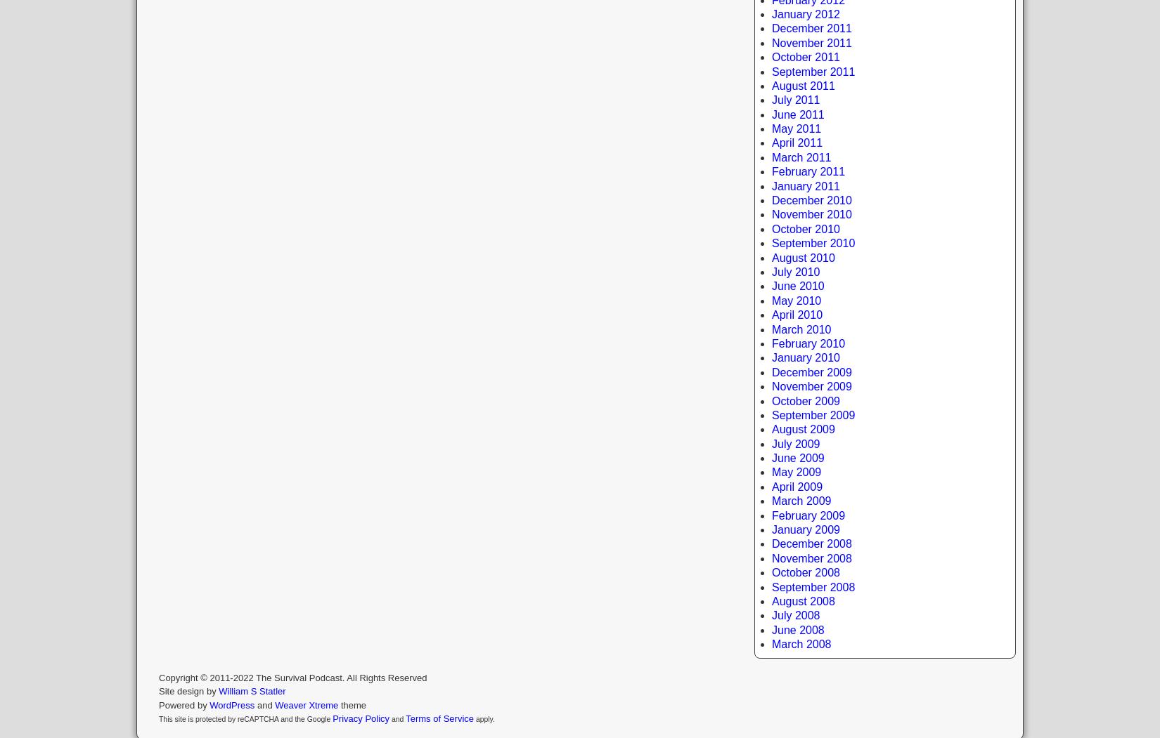 This screenshot has height=738, width=1160. I want to click on 'June 2011', so click(798, 114).